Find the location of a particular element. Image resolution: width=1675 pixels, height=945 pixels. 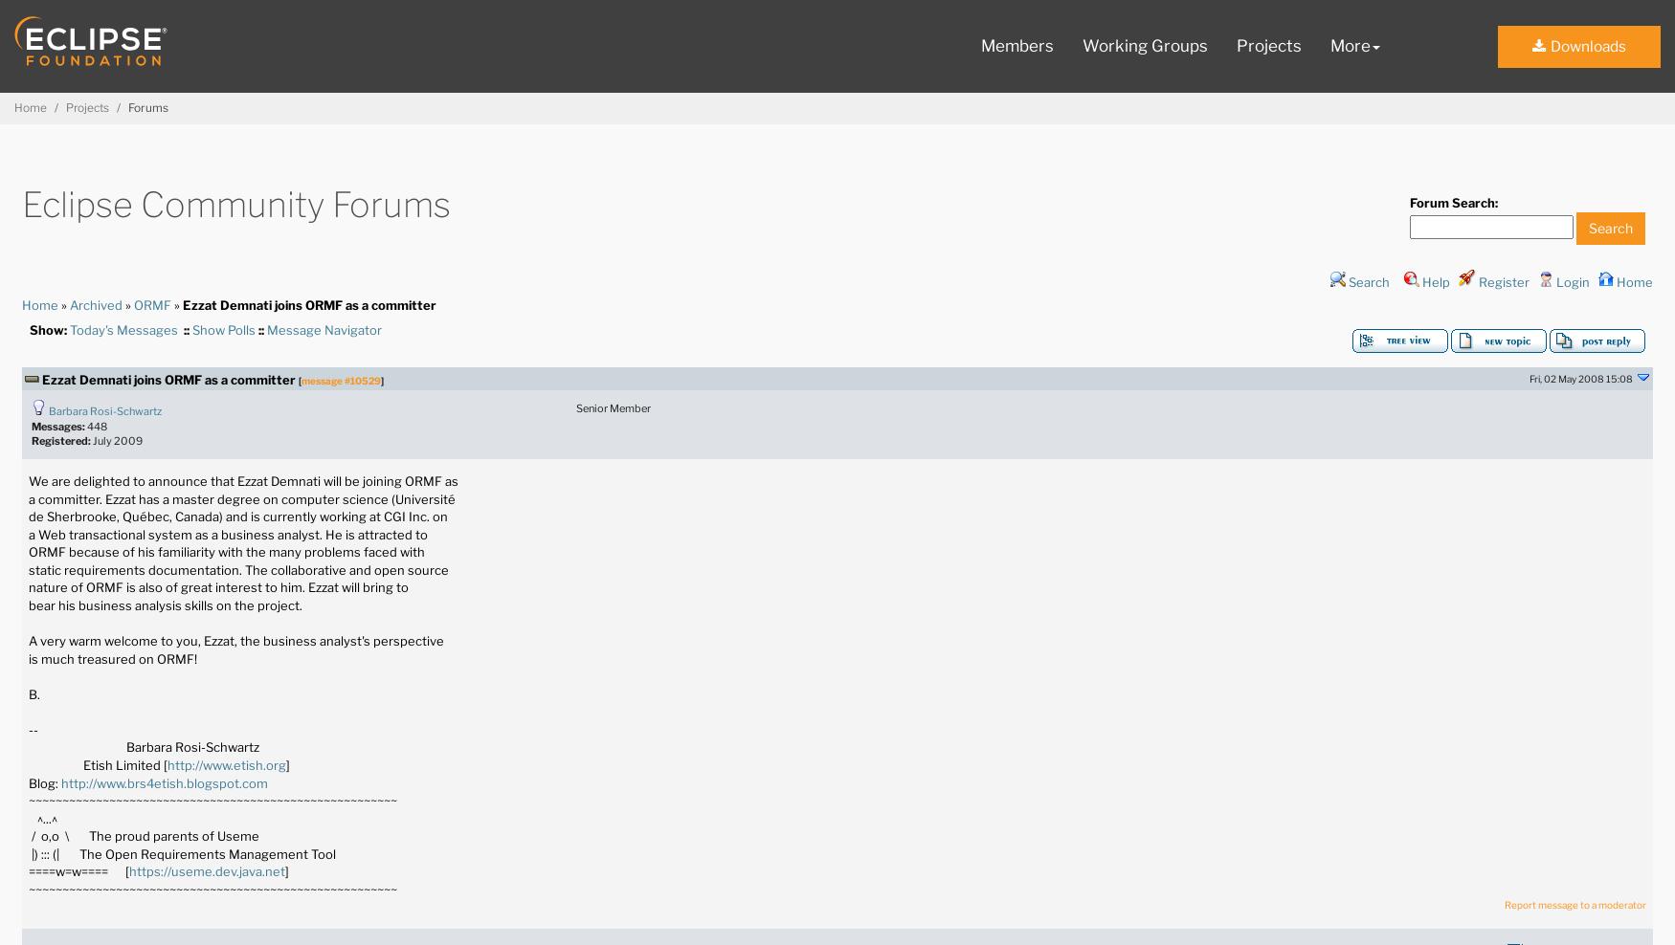

'ORMF' is located at coordinates (151, 304).